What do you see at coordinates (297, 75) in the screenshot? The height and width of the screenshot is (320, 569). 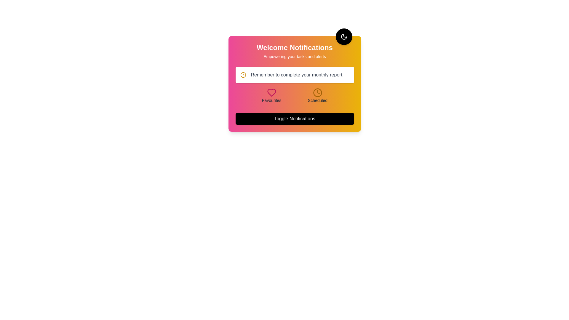 I see `the text label displaying 'Remember to complete your monthly report.' which is centrally located within a card-like interface, to the right of a yellow alert icon` at bounding box center [297, 75].